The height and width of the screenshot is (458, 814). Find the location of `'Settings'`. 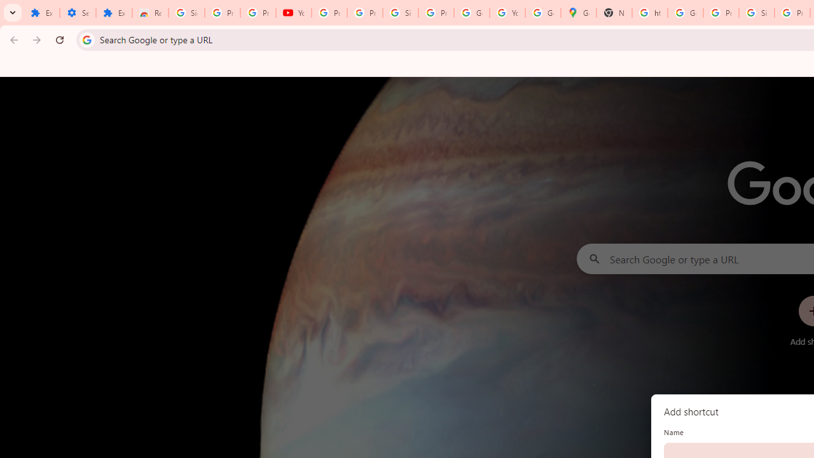

'Settings' is located at coordinates (77, 13).